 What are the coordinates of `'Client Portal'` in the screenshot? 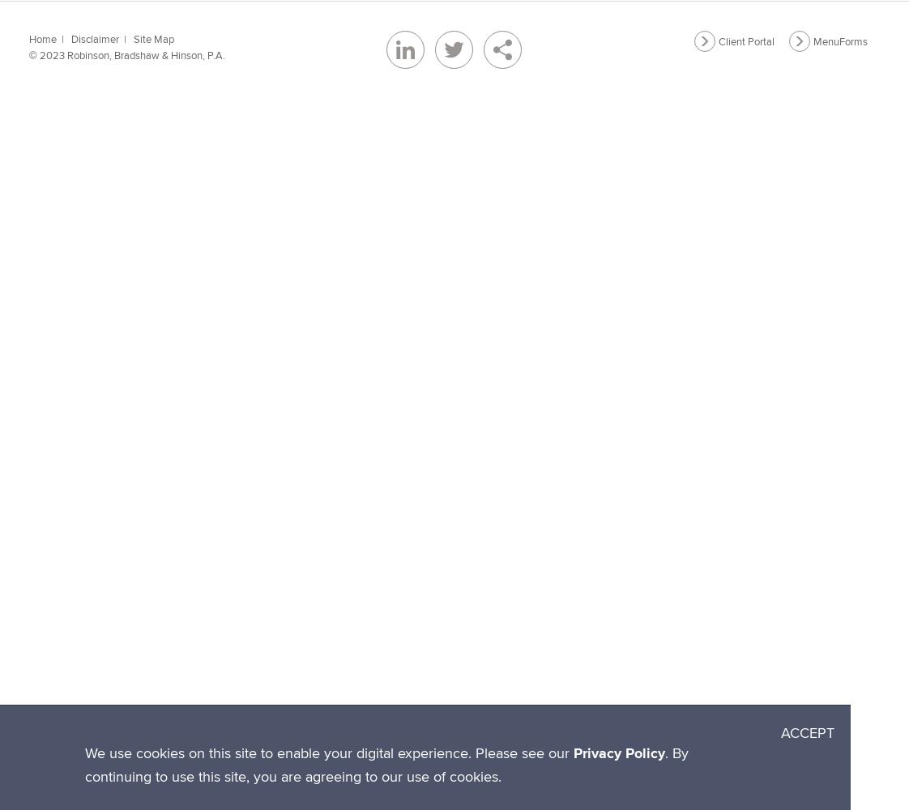 It's located at (745, 41).